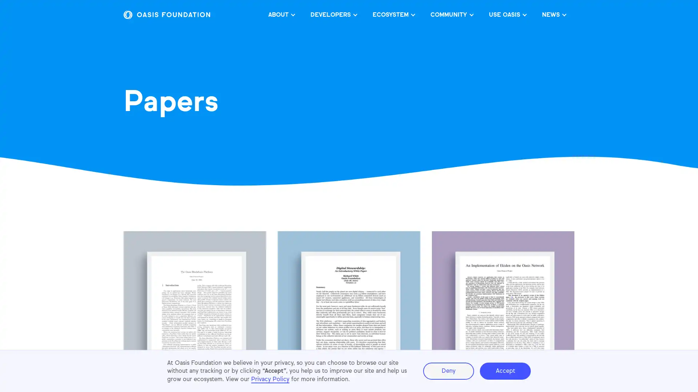 The width and height of the screenshot is (698, 392). What do you see at coordinates (448, 371) in the screenshot?
I see `Deny` at bounding box center [448, 371].